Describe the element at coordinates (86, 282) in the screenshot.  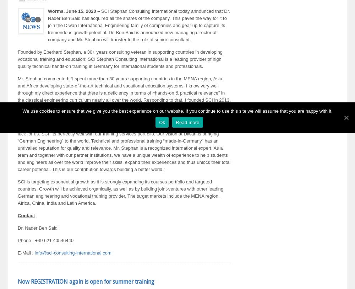
I see `'Now REGISTRATION again is open for summer training'` at that location.